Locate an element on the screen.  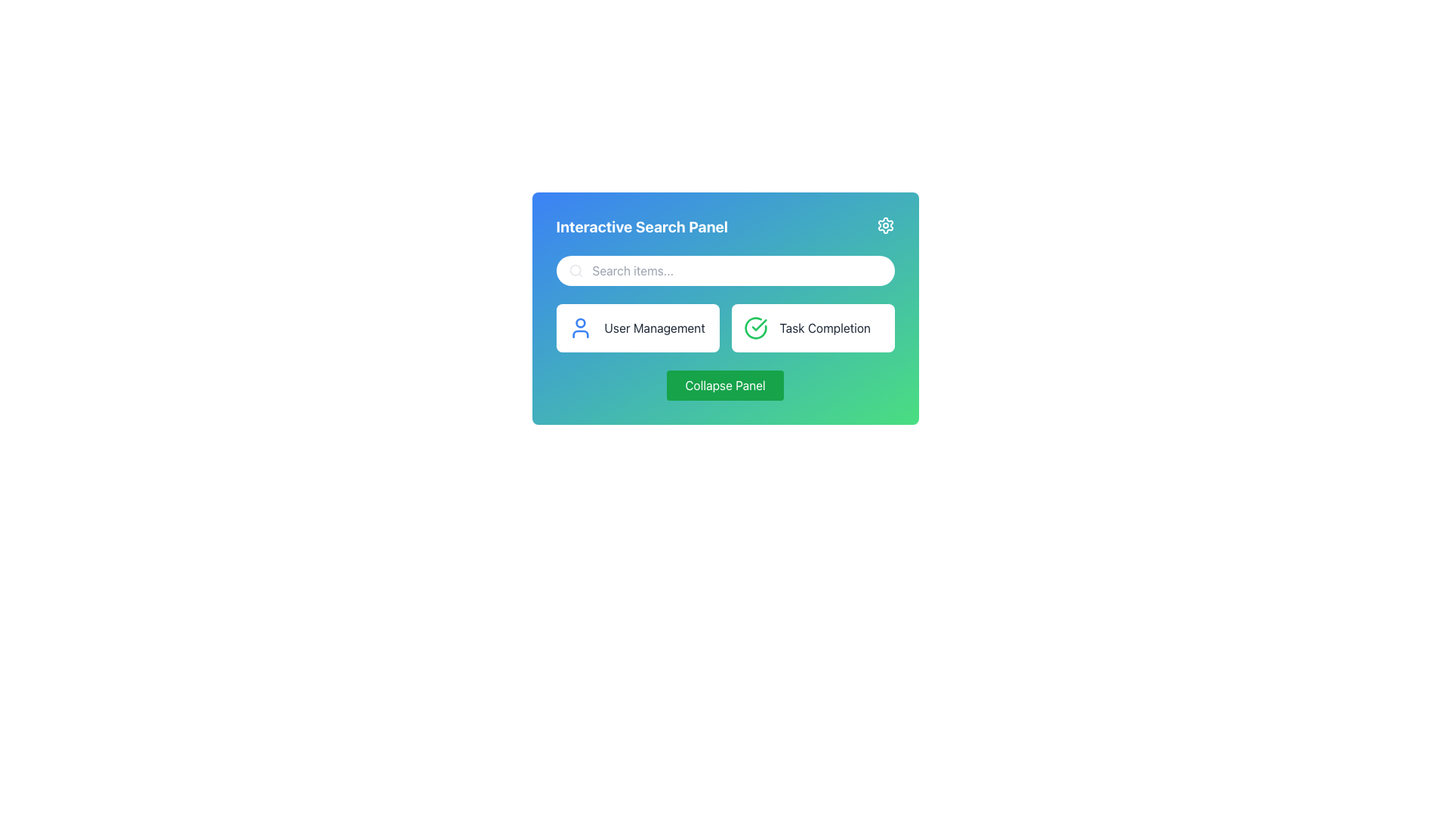
the settings icon/button located at the top-right corner of the 'Interactive Search Panel' is located at coordinates (885, 226).